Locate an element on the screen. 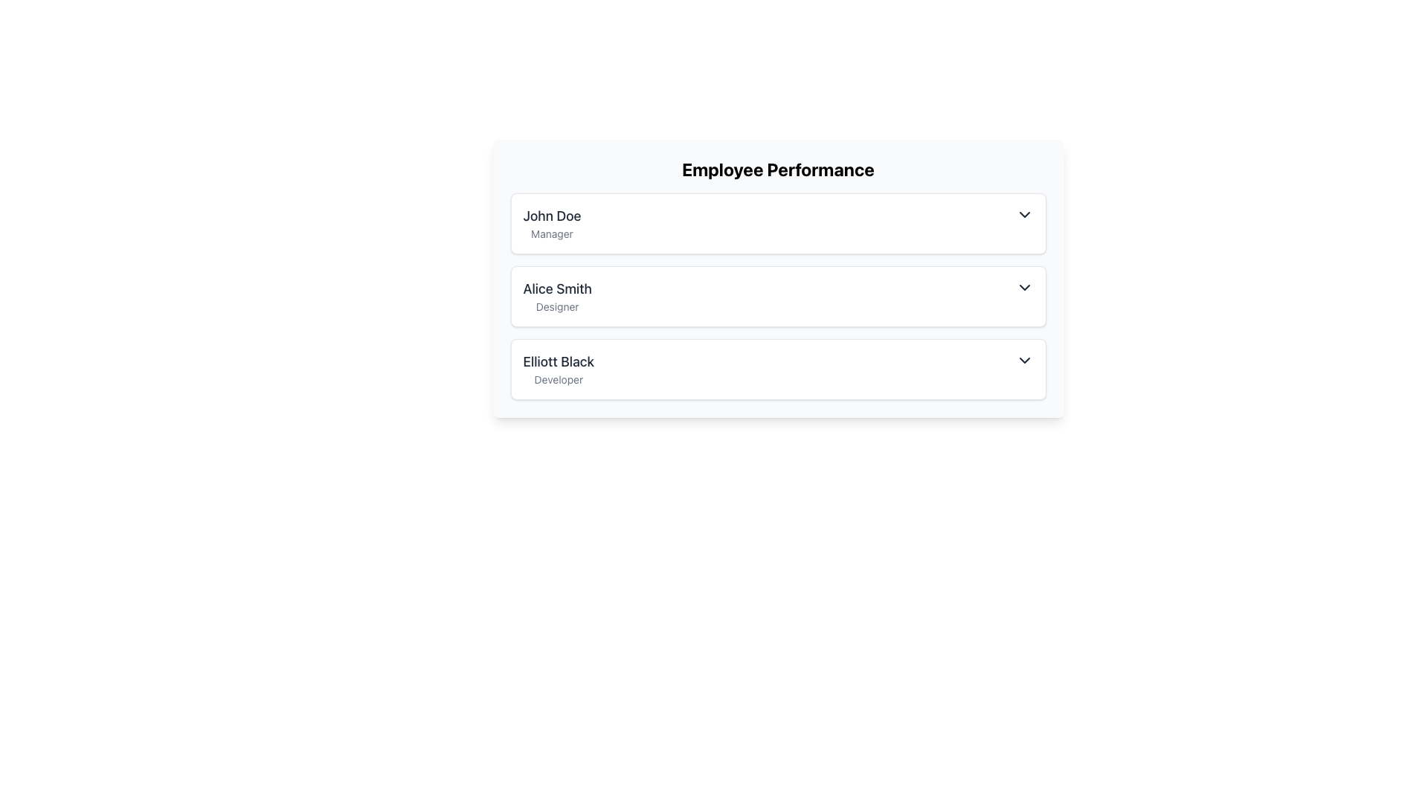 The image size is (1428, 803). the downwards-pointing chevron icon adjacent to 'John Doe' and 'Manager' is located at coordinates (1023, 215).